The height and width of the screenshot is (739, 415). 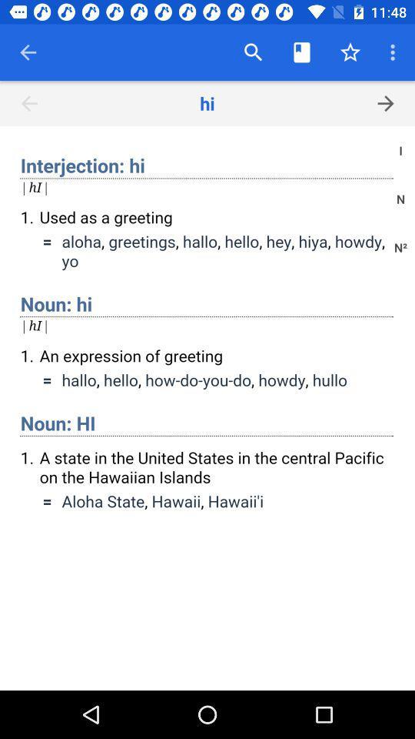 What do you see at coordinates (29, 102) in the screenshot?
I see `the arrow_backward icon` at bounding box center [29, 102].